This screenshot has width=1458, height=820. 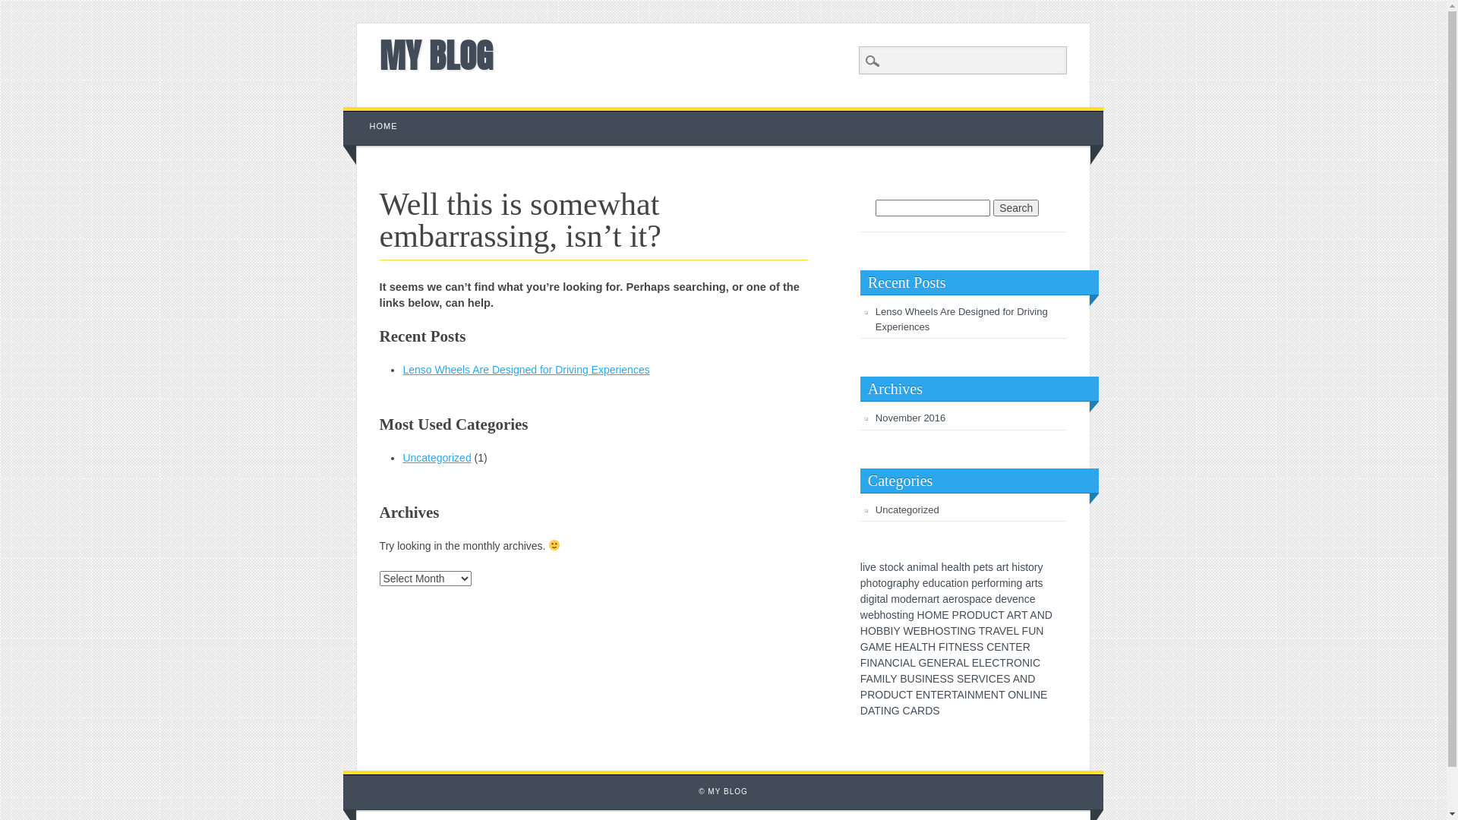 What do you see at coordinates (932, 567) in the screenshot?
I see `'a'` at bounding box center [932, 567].